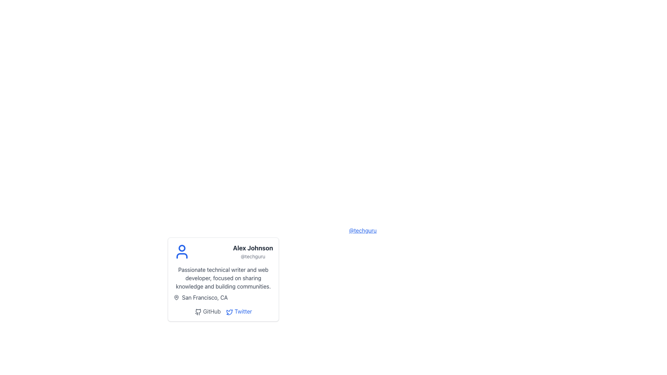 This screenshot has height=375, width=667. I want to click on the read-only text element that describes the user's profession and focus areas, located below the user's name in the user profile card, so click(223, 278).